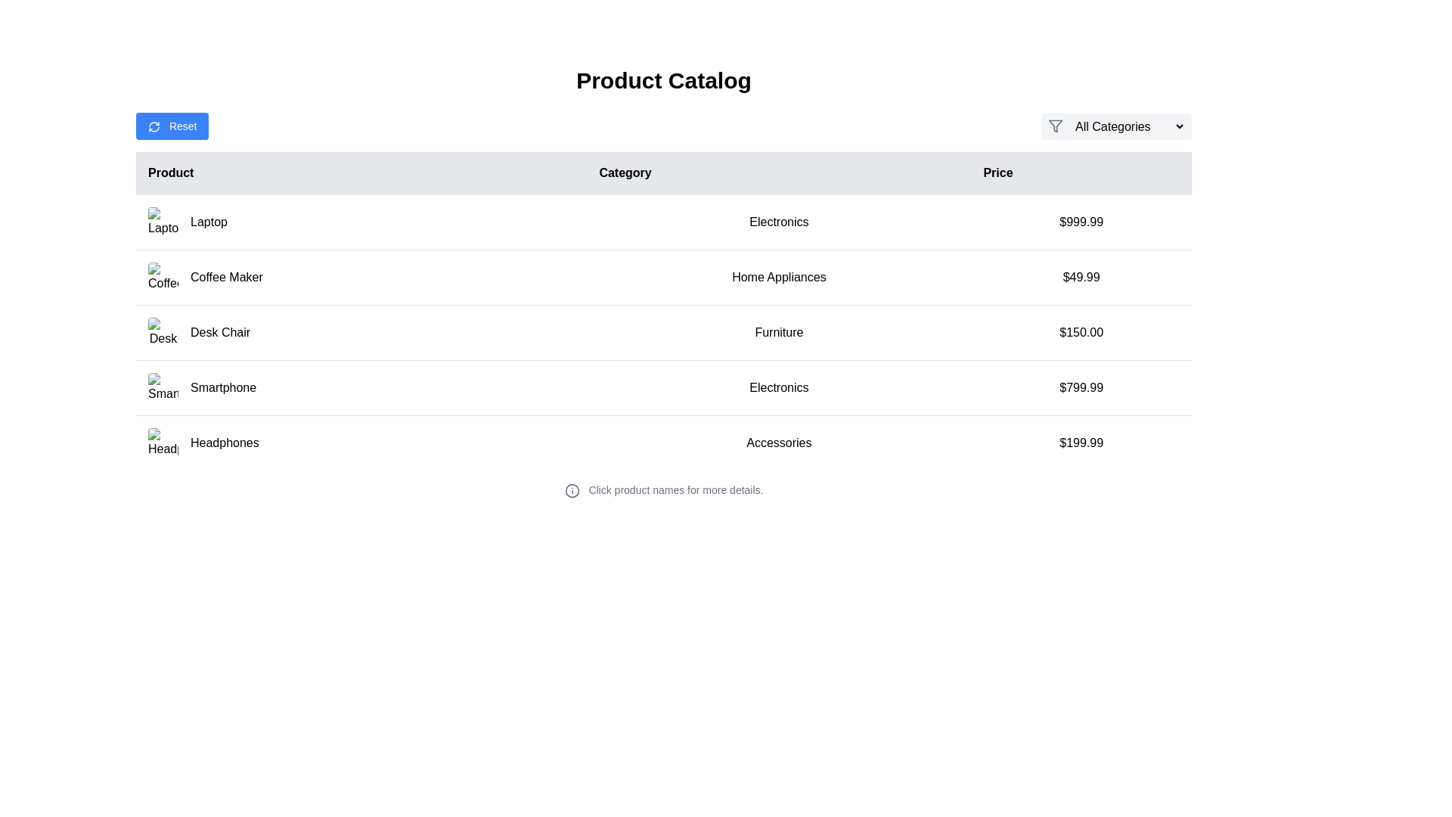  What do you see at coordinates (1081, 277) in the screenshot?
I see `the text label displaying the price of the 'Coffee Maker' product in the product catalog table, located in the 'Price' column` at bounding box center [1081, 277].